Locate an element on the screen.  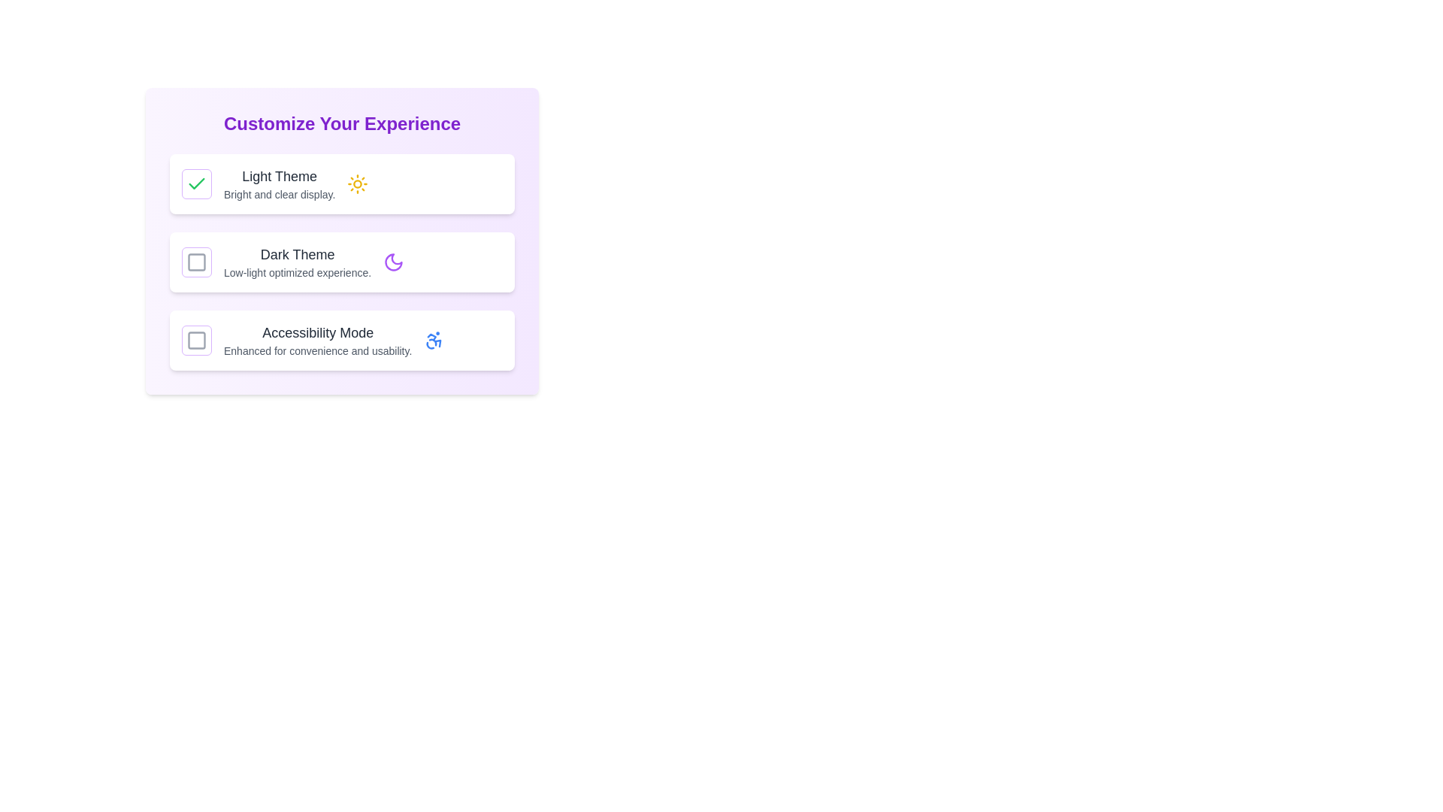
the static descriptive text located beneath the 'Dark Theme' title in the 'Customize Your Experience' interface is located at coordinates (298, 272).